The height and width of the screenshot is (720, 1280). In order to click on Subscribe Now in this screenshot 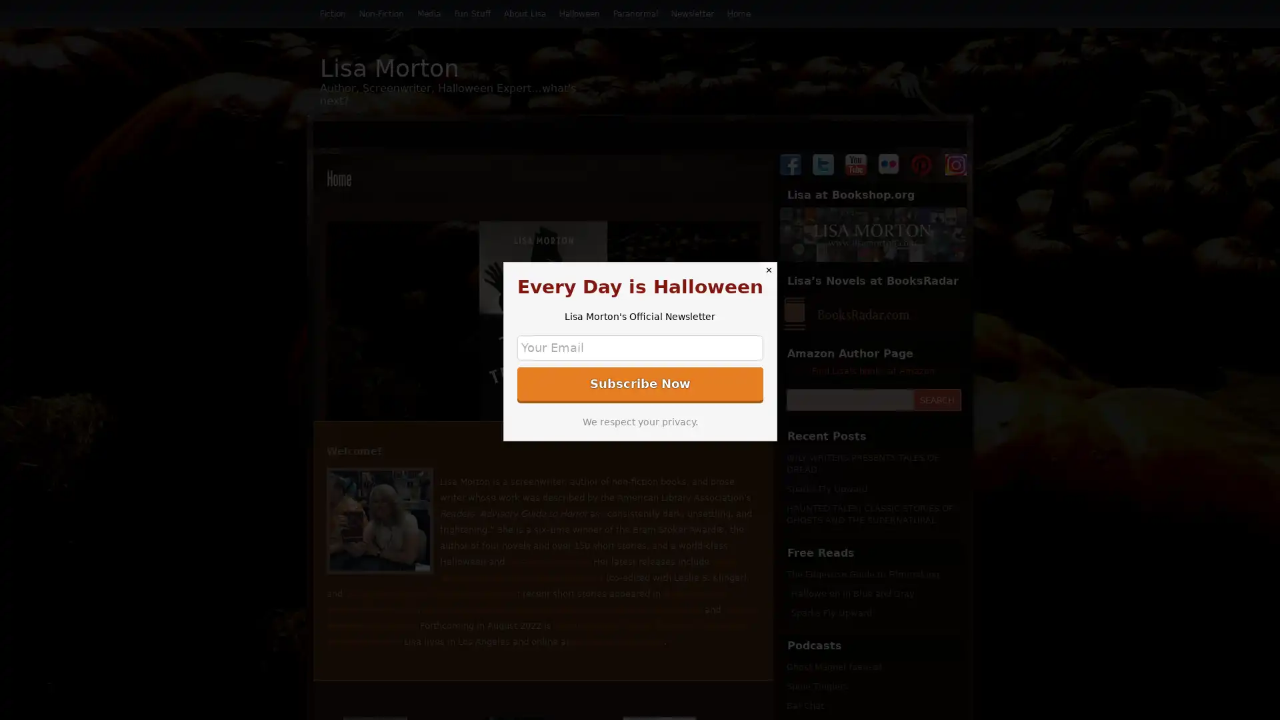, I will do `click(639, 383)`.